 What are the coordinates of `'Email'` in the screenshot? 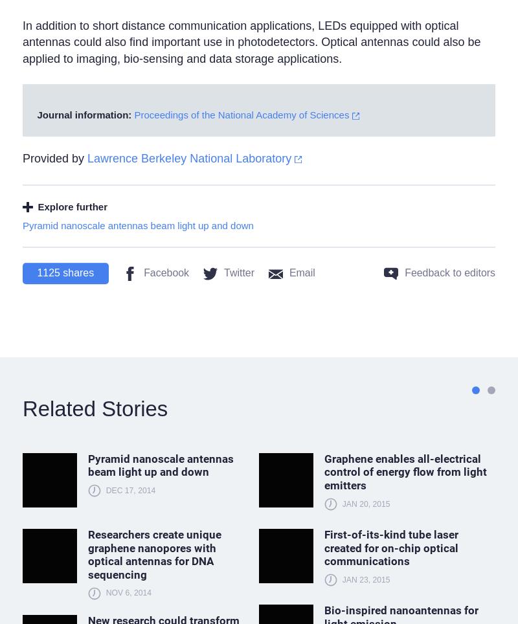 It's located at (288, 272).